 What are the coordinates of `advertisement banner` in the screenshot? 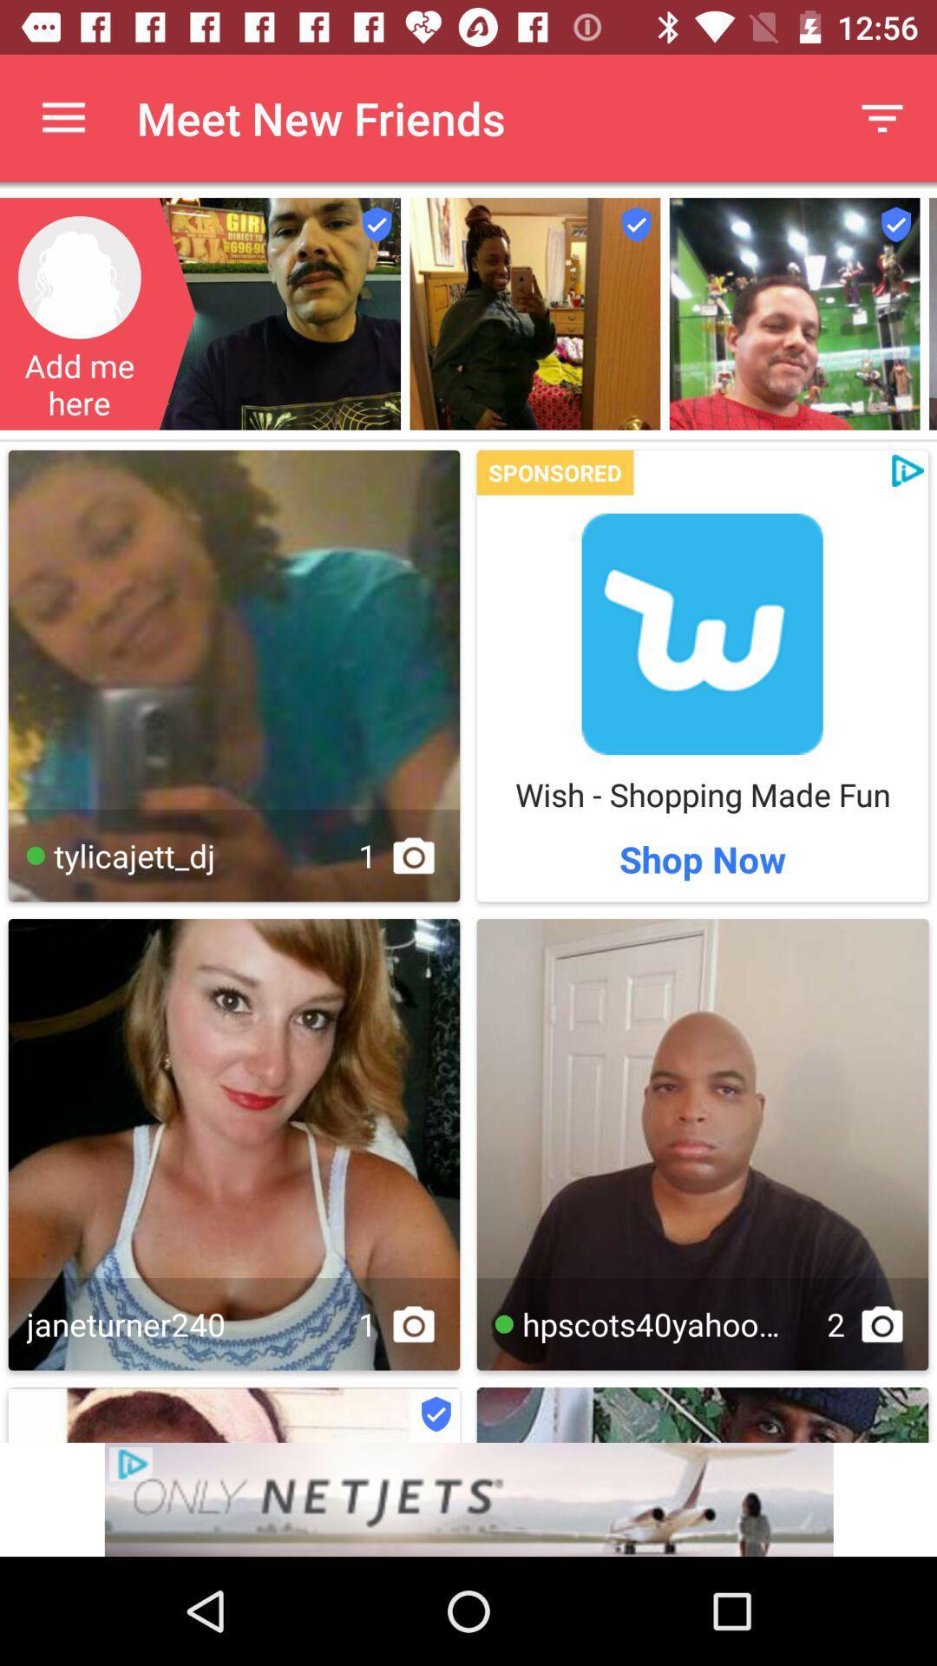 It's located at (703, 633).